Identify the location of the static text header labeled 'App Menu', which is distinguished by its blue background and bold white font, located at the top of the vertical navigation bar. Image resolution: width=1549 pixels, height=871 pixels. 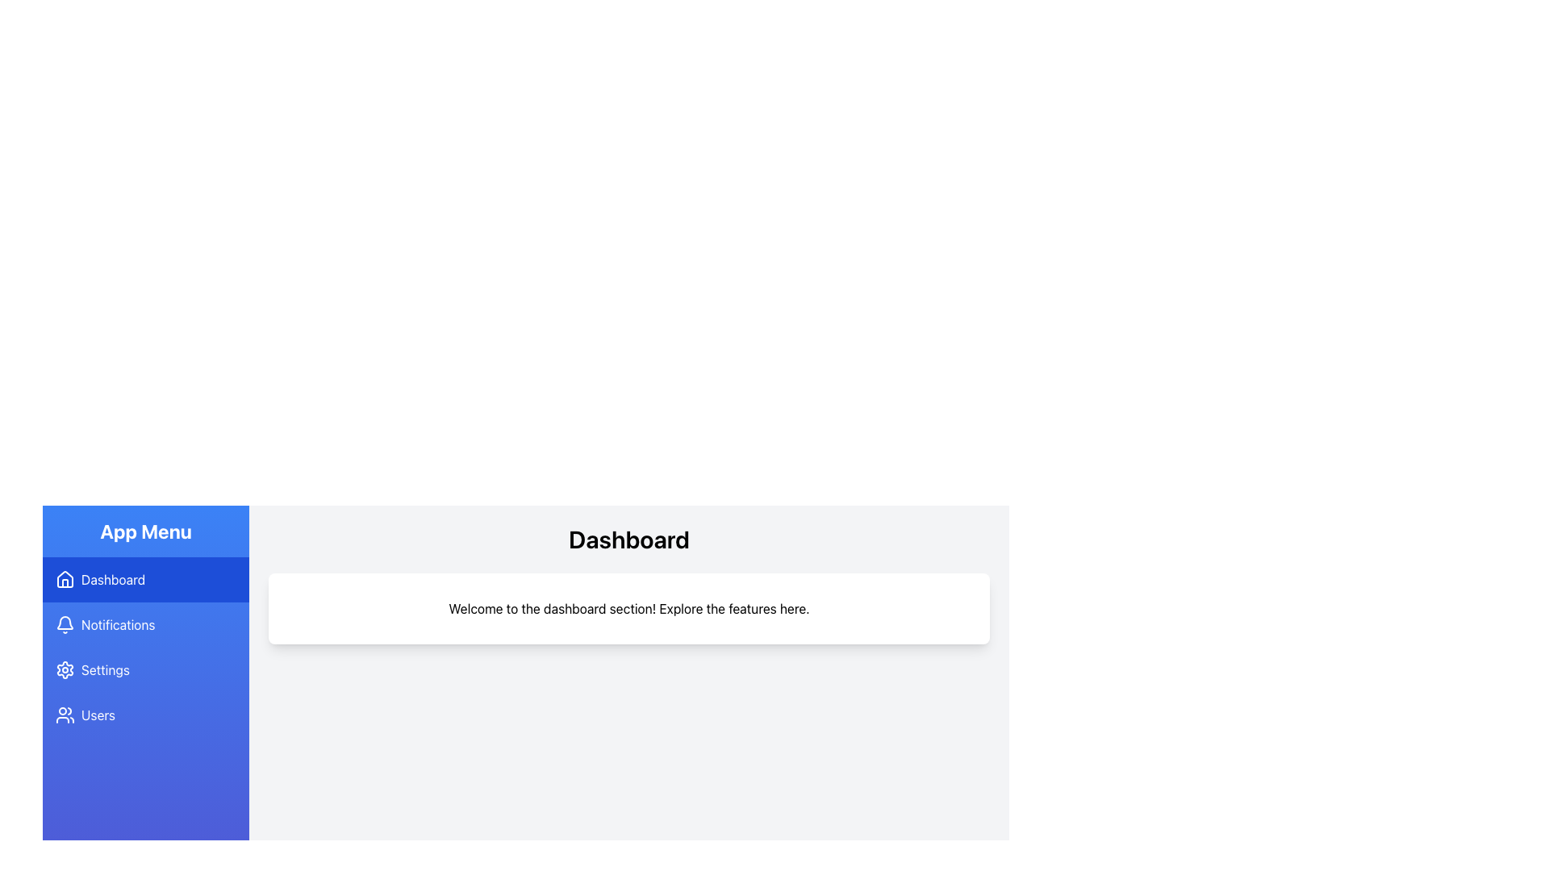
(146, 531).